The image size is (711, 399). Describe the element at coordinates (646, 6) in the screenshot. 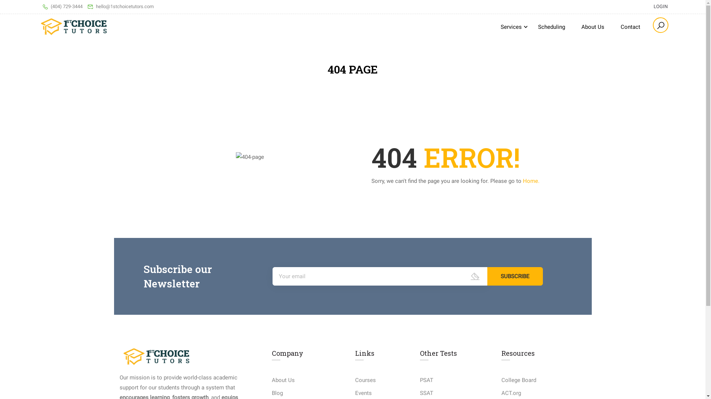

I see `'LOGIN'` at that location.